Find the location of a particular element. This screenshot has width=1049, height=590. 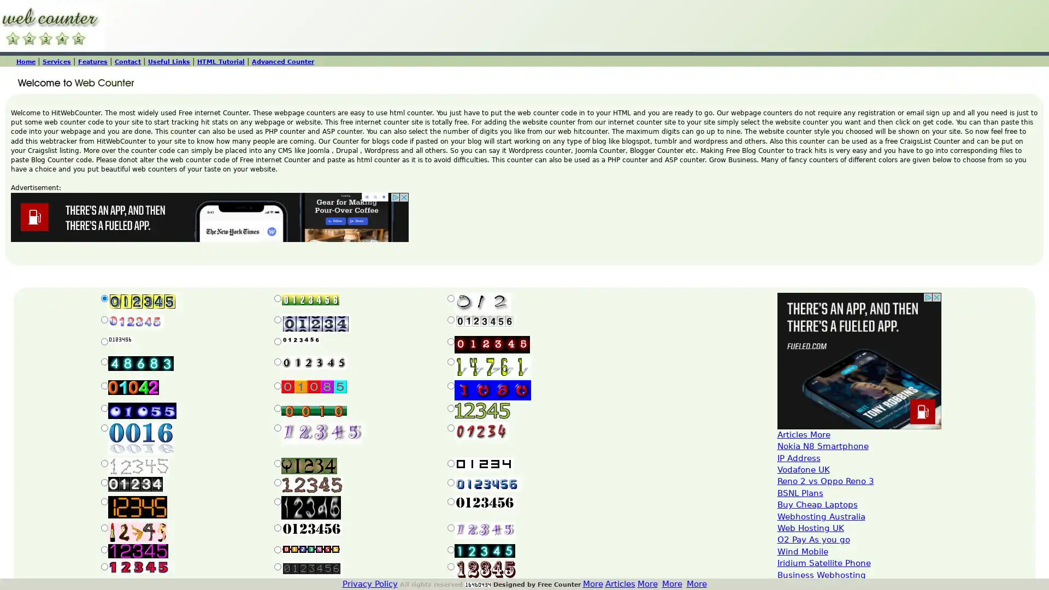

Submit is located at coordinates (311, 528).